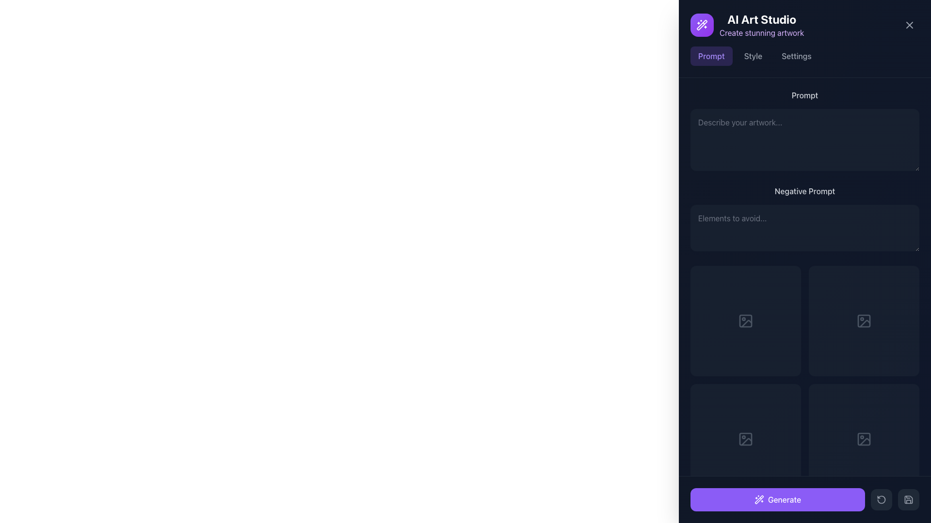 The width and height of the screenshot is (931, 523). Describe the element at coordinates (761, 32) in the screenshot. I see `the static text element that provides a descriptive subtitle for the 'AI Art Studio' section, located beneath the title text in the sidebar panel` at that location.